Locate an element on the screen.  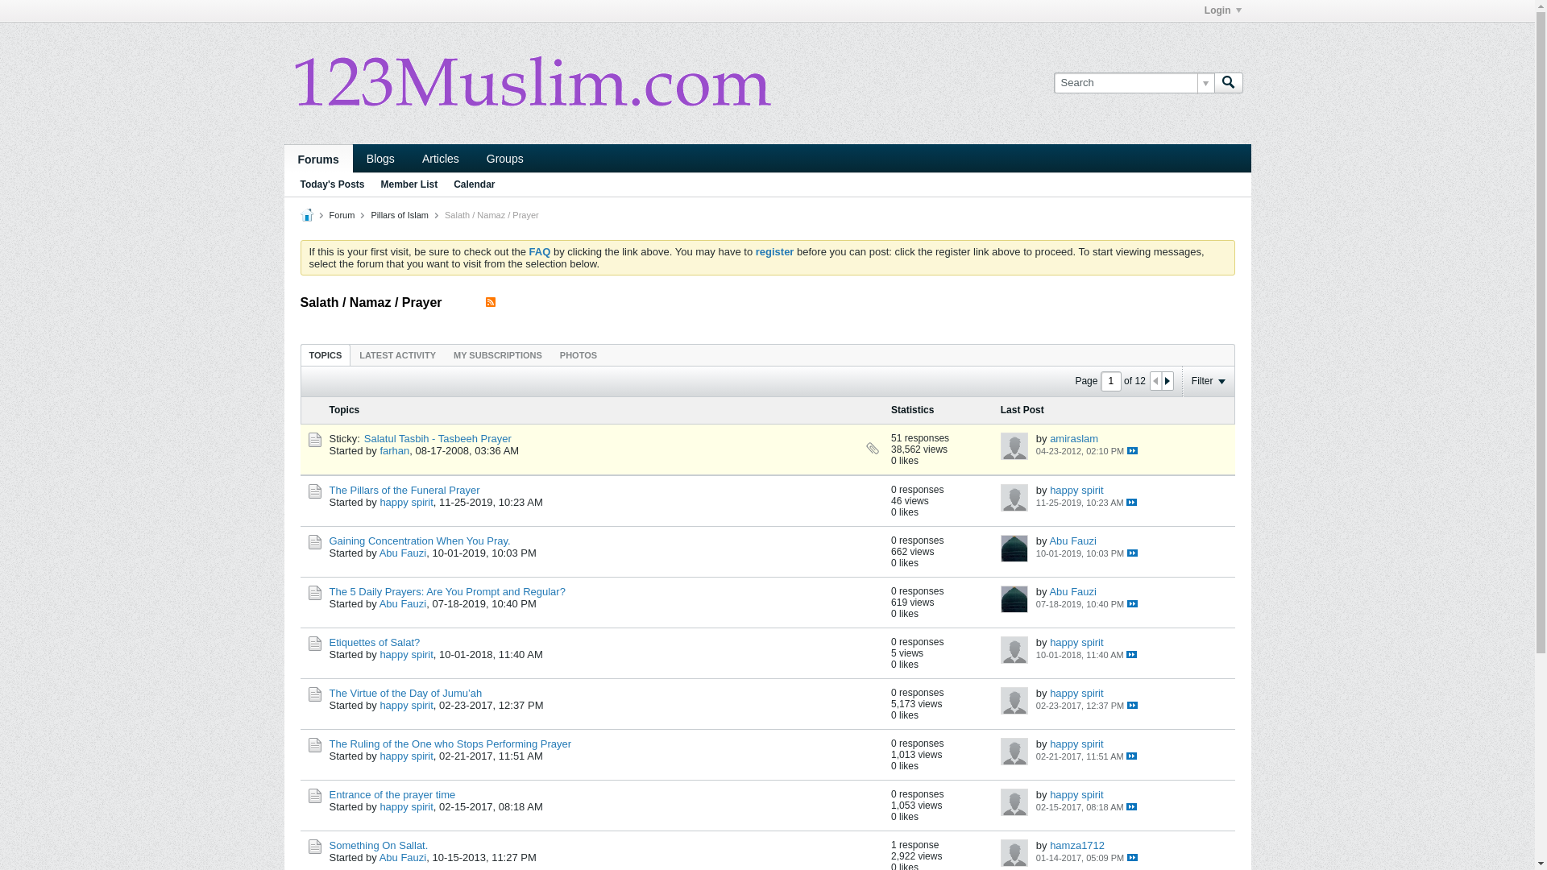
'FAQ' is located at coordinates (529, 251).